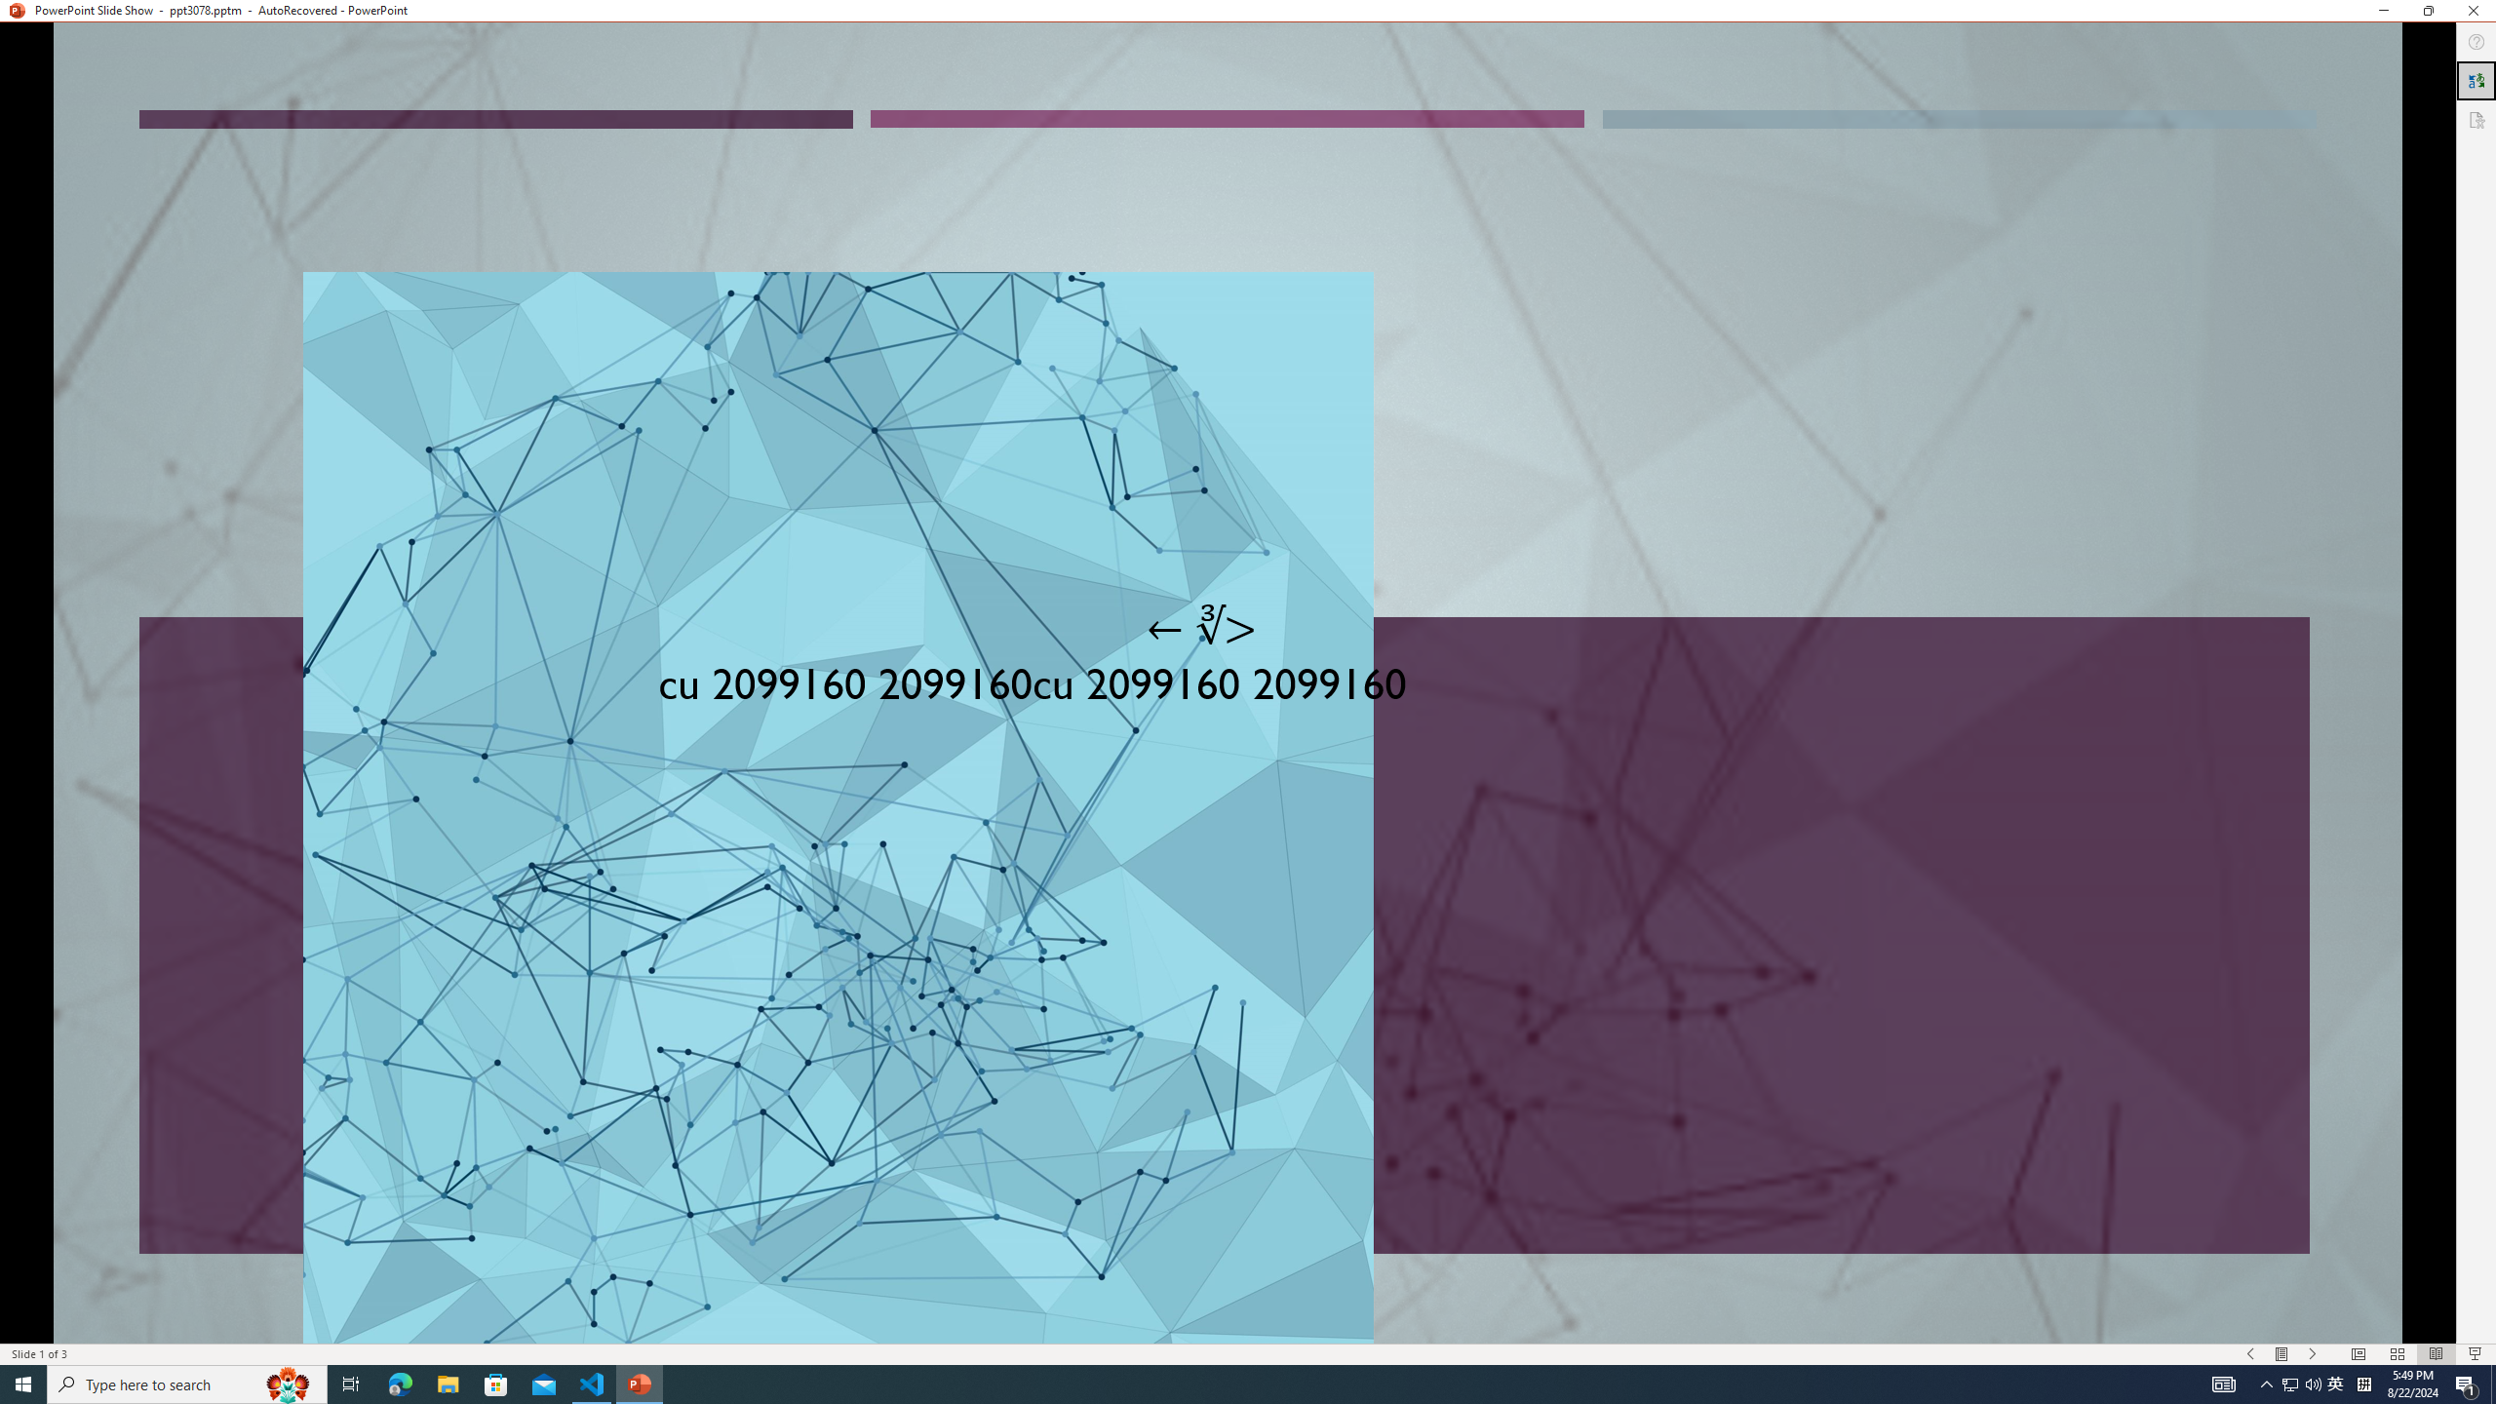 The image size is (2496, 1404). I want to click on 'Accessibility', so click(2476, 119).